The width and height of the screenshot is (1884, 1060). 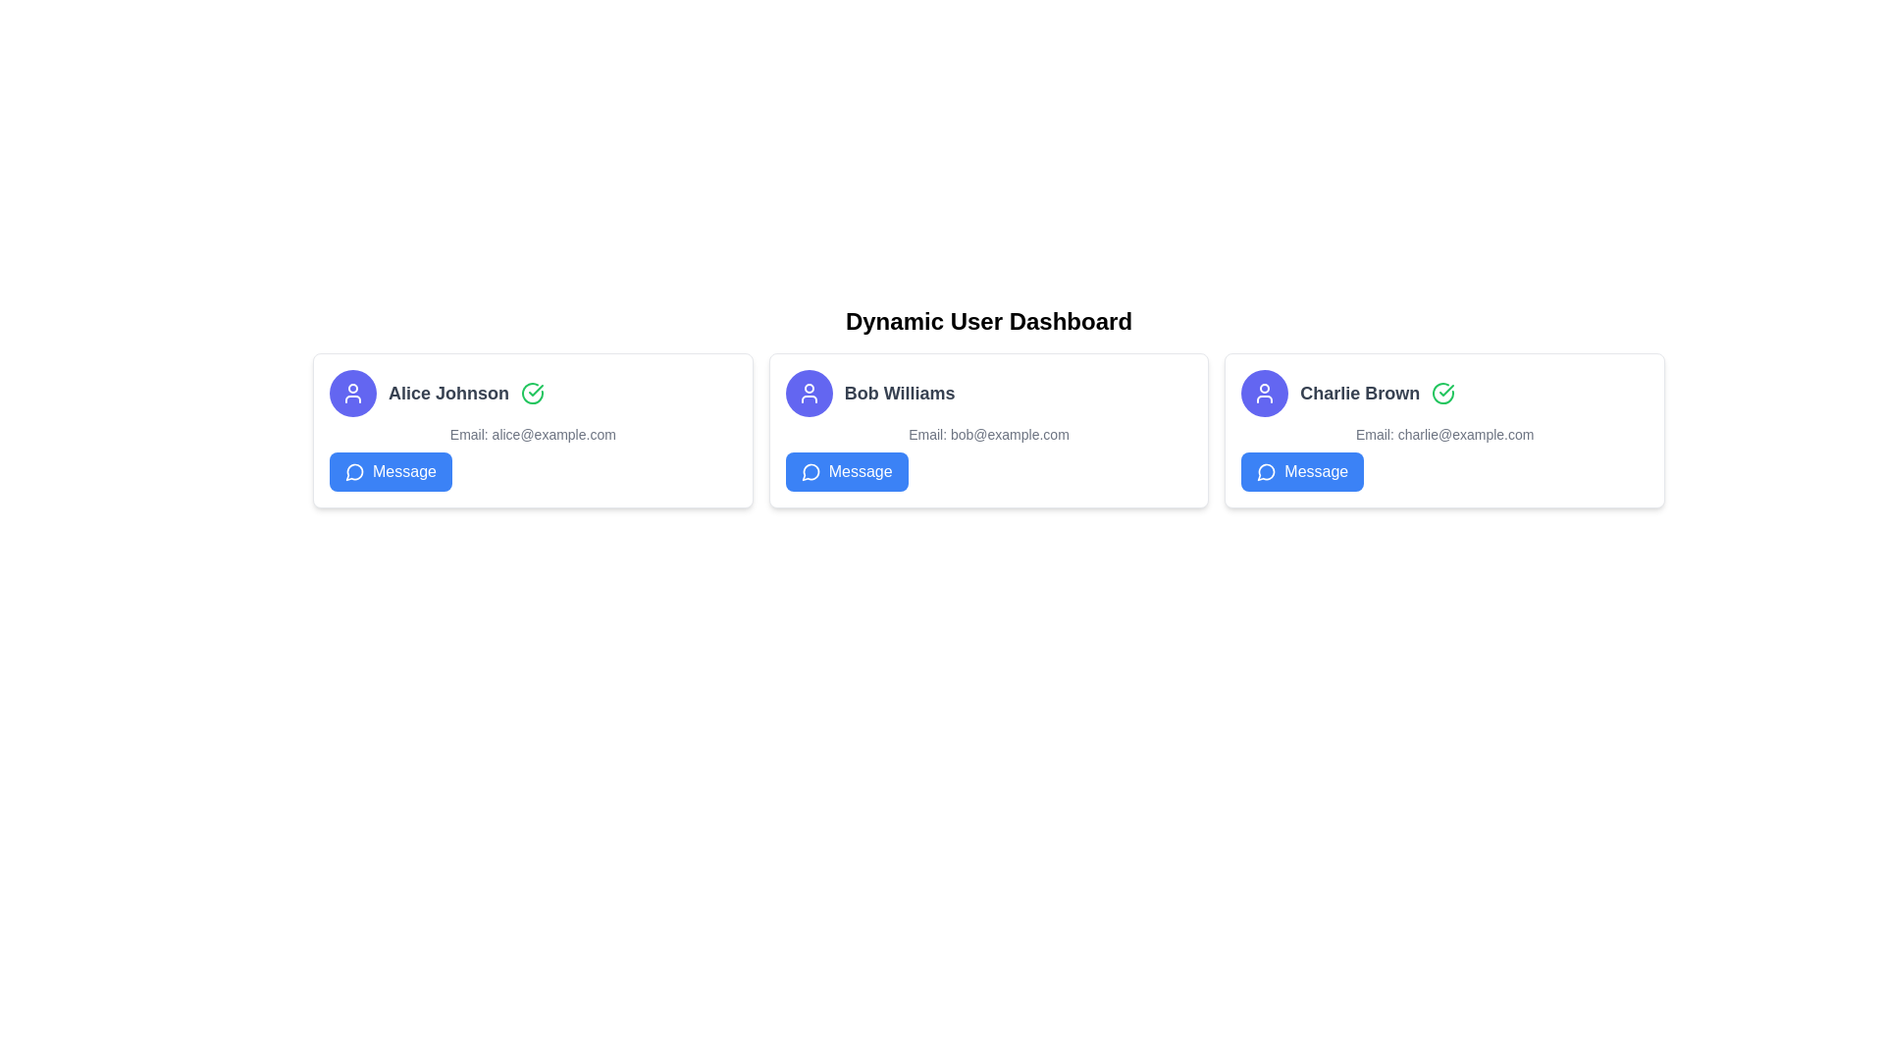 What do you see at coordinates (353, 394) in the screenshot?
I see `the user avatar icon representing Alice Johnson, which is located in the top-left section of the user card component` at bounding box center [353, 394].